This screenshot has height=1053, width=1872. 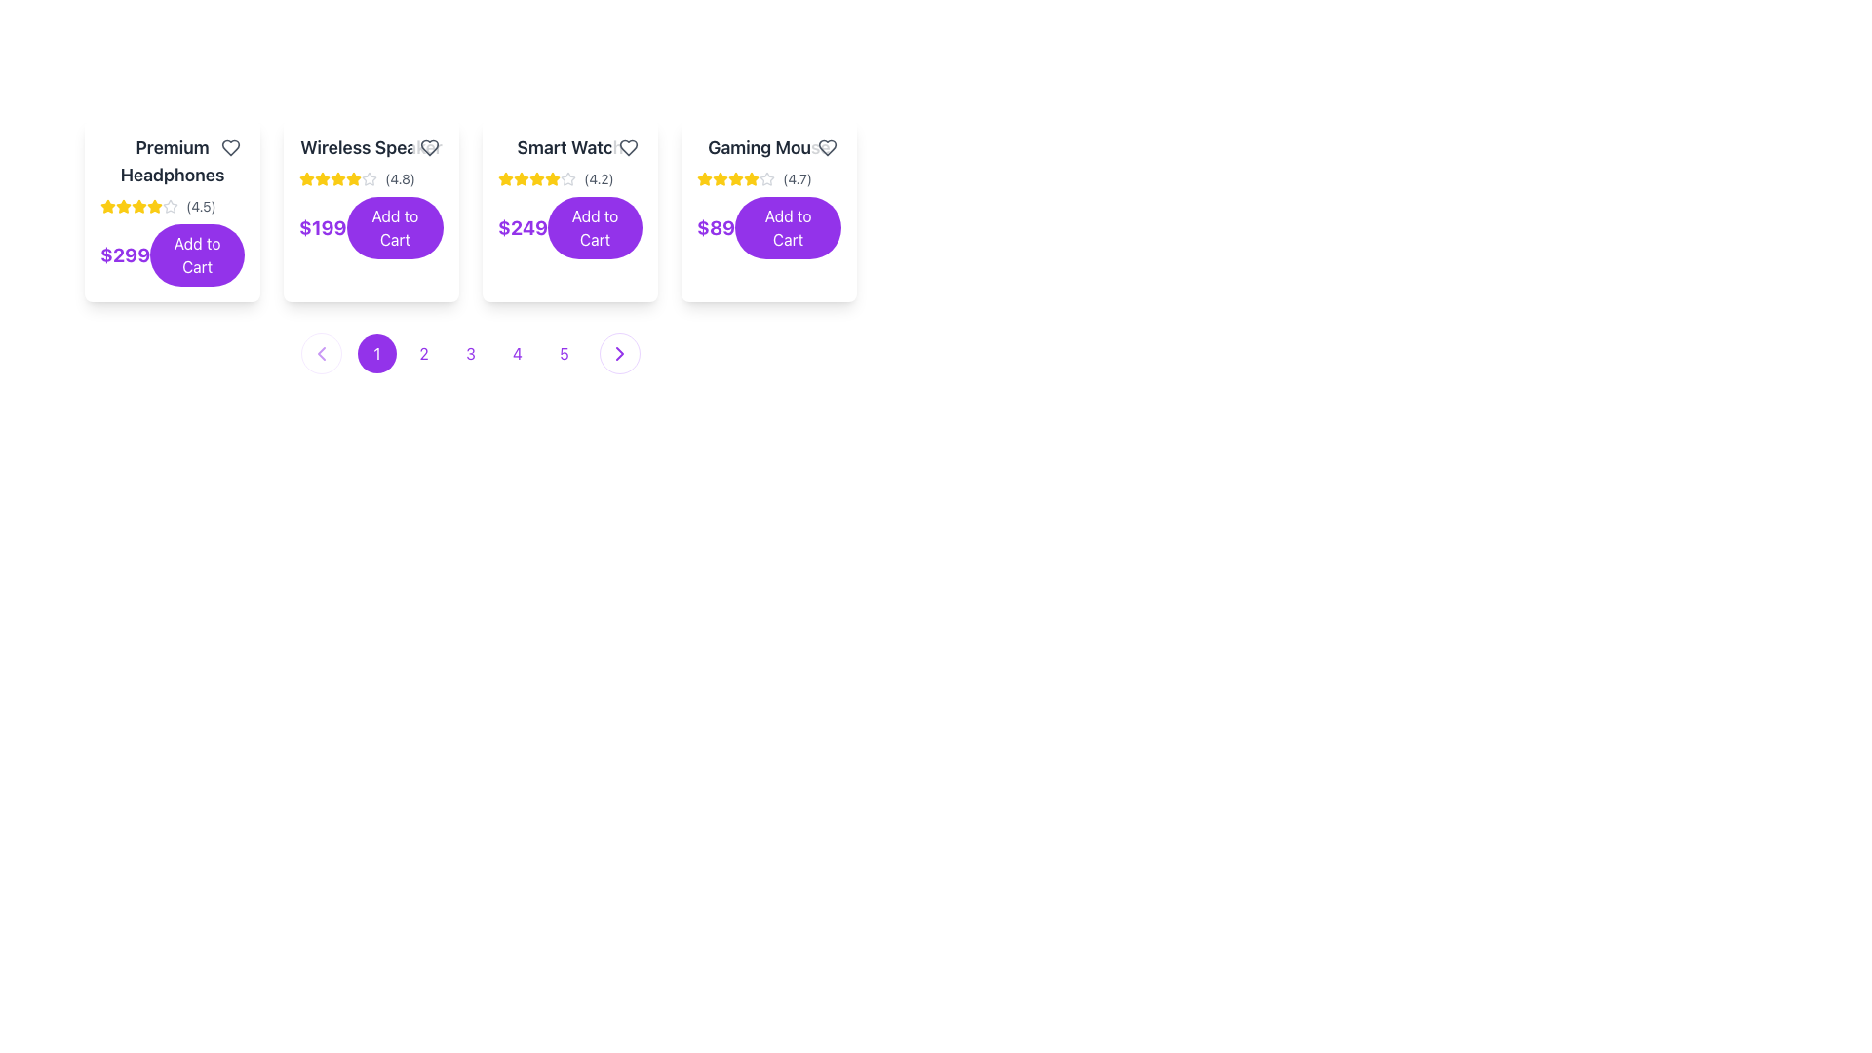 I want to click on the third star icon in the five-star rating bar of the 'Gaming Mouse' product card, which is the fourth card in the horizontally-aligned list, so click(x=704, y=178).